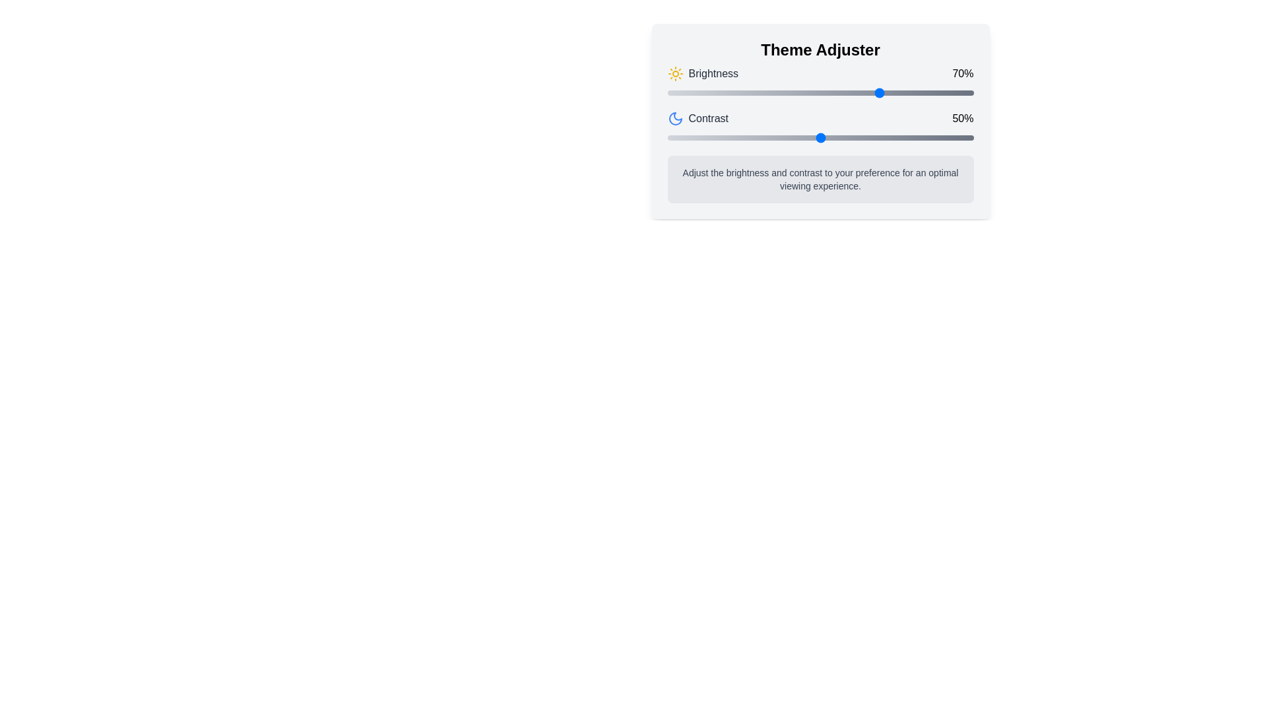 The height and width of the screenshot is (713, 1267). Describe the element at coordinates (697, 119) in the screenshot. I see `the associated moon icon of the 'Contrast' label located in the second row of the panel, which displays the text 'Contrast' alongside a blue moon icon` at that location.